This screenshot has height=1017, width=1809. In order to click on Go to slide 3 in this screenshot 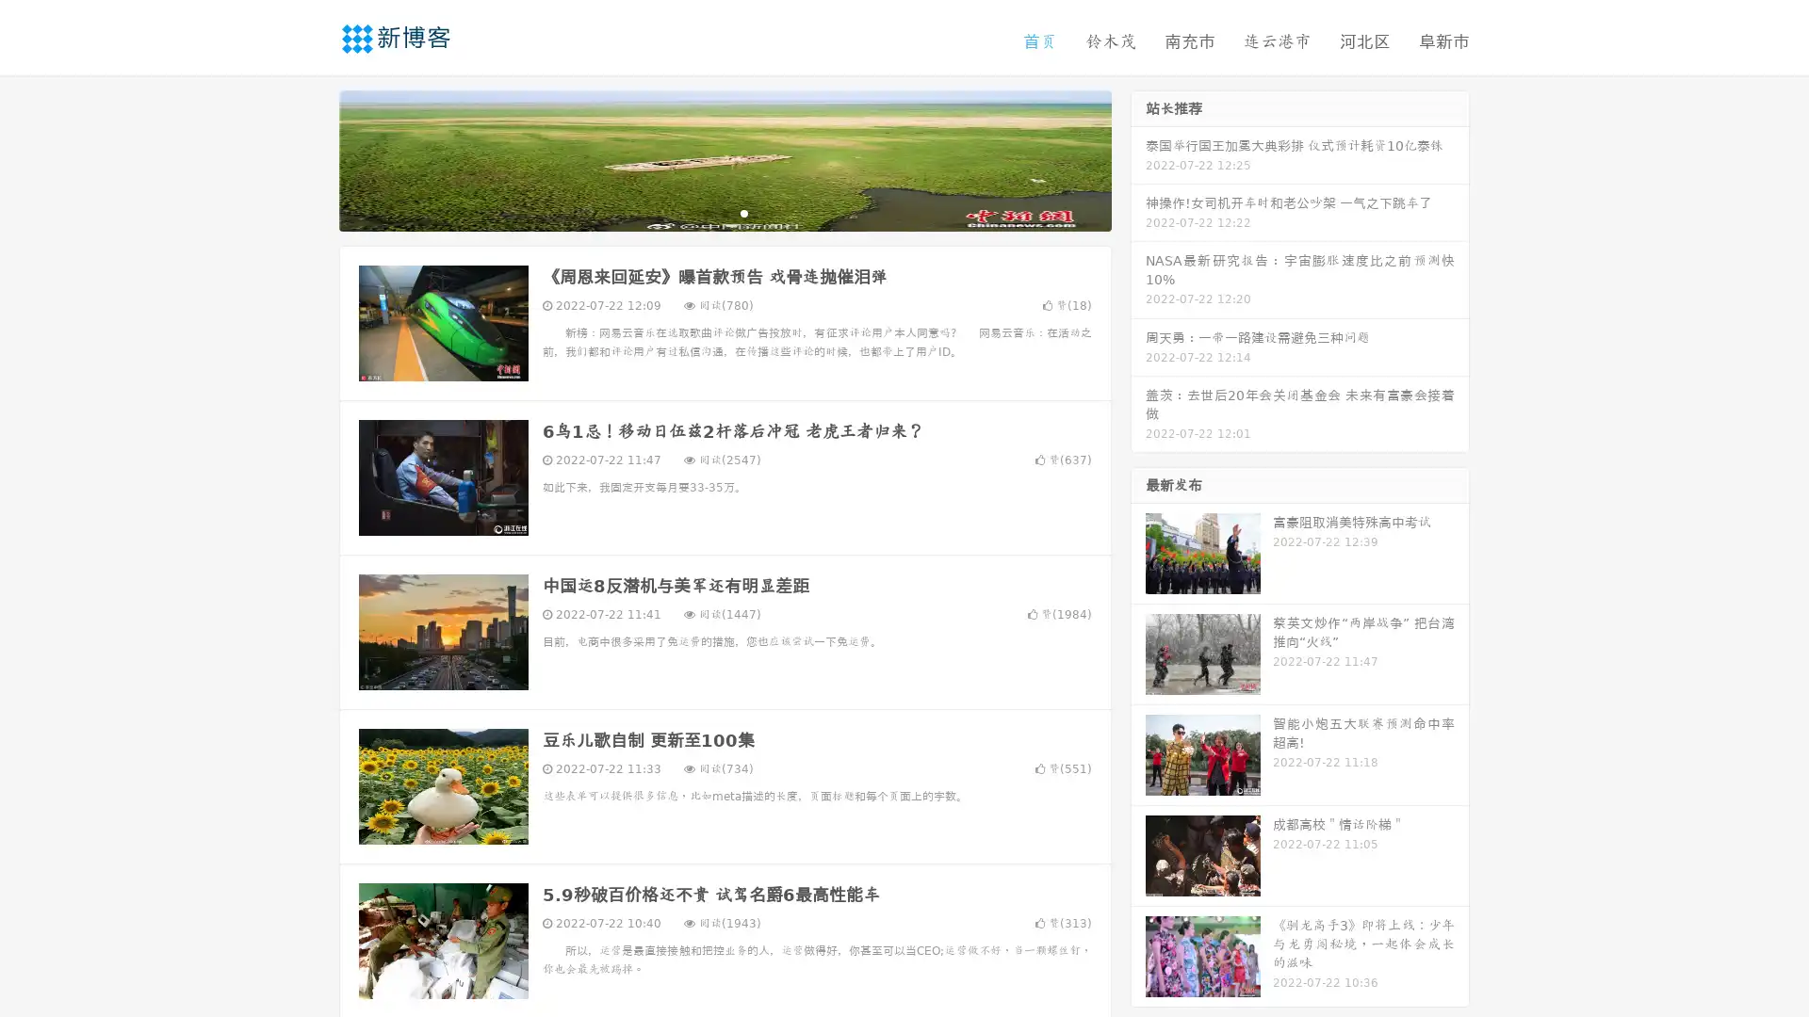, I will do `click(743, 212)`.